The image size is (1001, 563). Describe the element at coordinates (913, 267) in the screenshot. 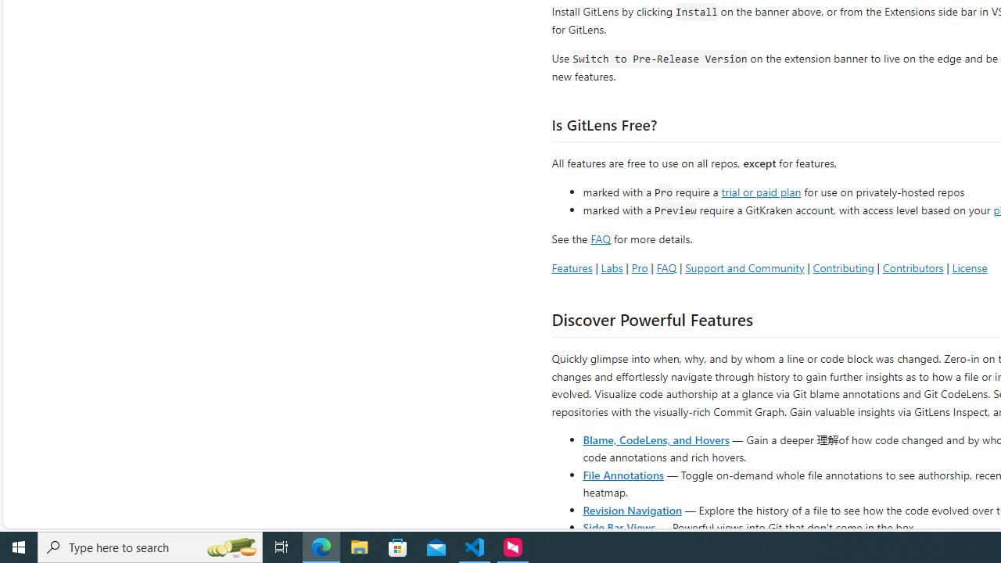

I see `'Contributors'` at that location.